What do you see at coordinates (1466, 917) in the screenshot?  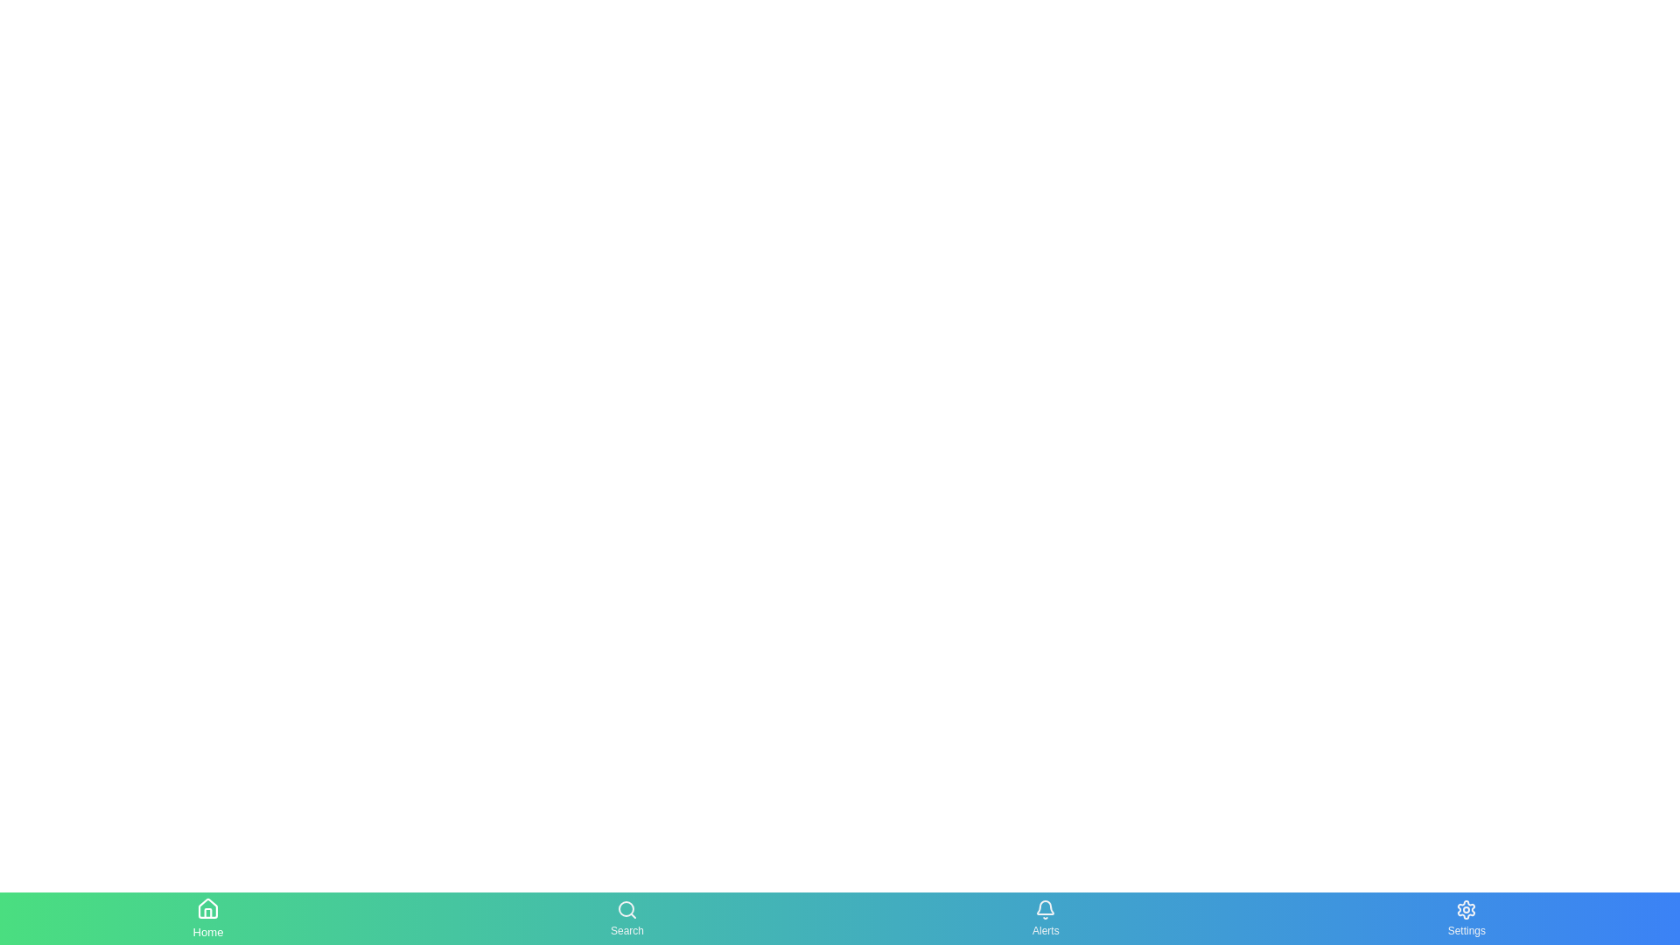 I see `the navigation item labeled 'Settings'` at bounding box center [1466, 917].